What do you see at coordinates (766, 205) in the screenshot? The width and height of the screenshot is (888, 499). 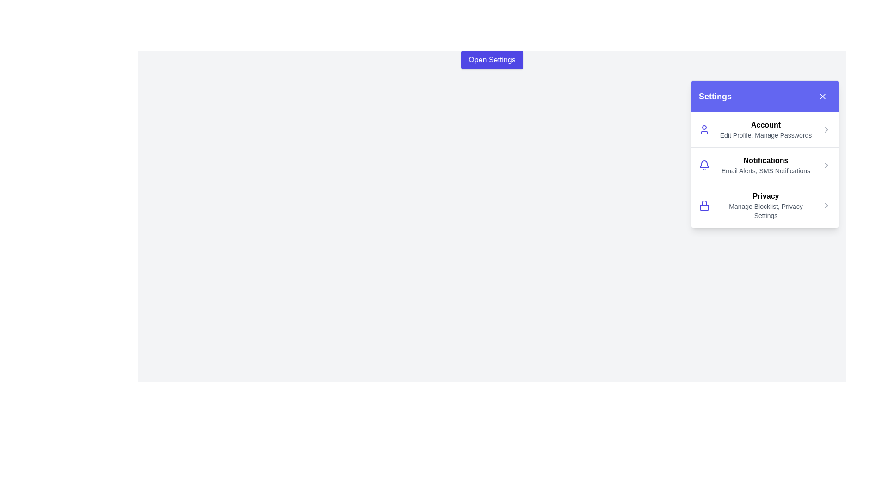 I see `to select the 'Privacy' list item in the Settings modal, which includes a bold title and descriptive text` at bounding box center [766, 205].